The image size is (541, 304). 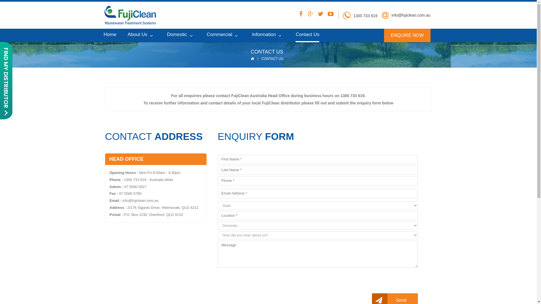 I want to click on 'Domestic', so click(x=181, y=35).